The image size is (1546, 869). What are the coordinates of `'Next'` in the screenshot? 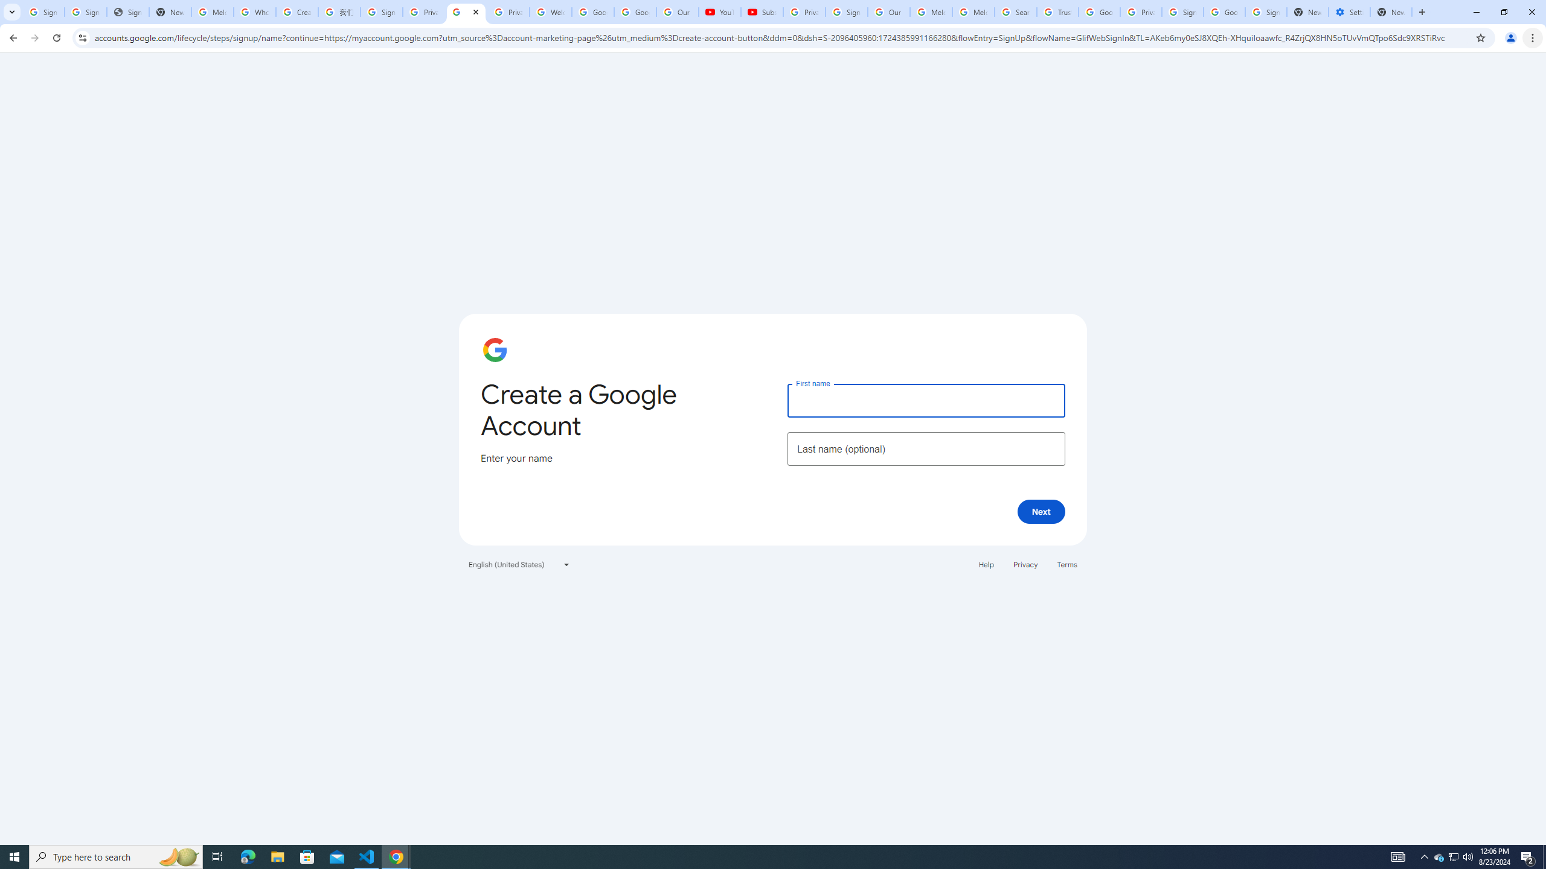 It's located at (1041, 511).